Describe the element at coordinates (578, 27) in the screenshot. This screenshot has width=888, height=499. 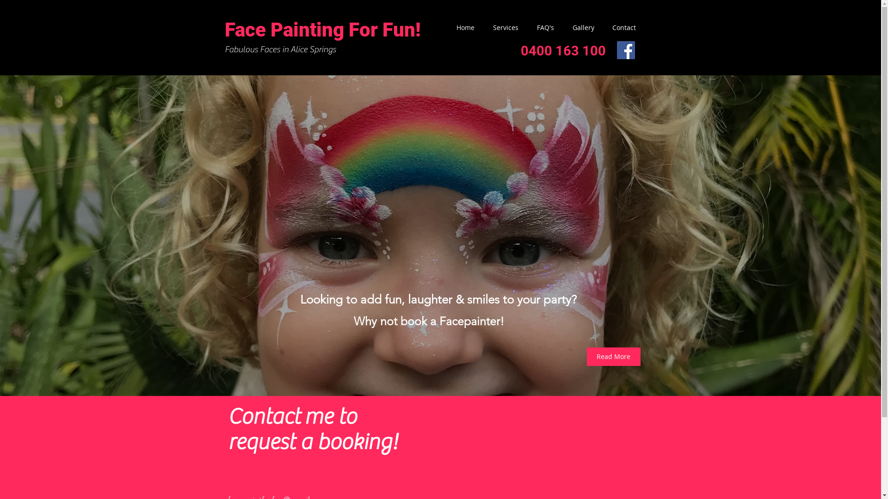
I see `'Gallery'` at that location.